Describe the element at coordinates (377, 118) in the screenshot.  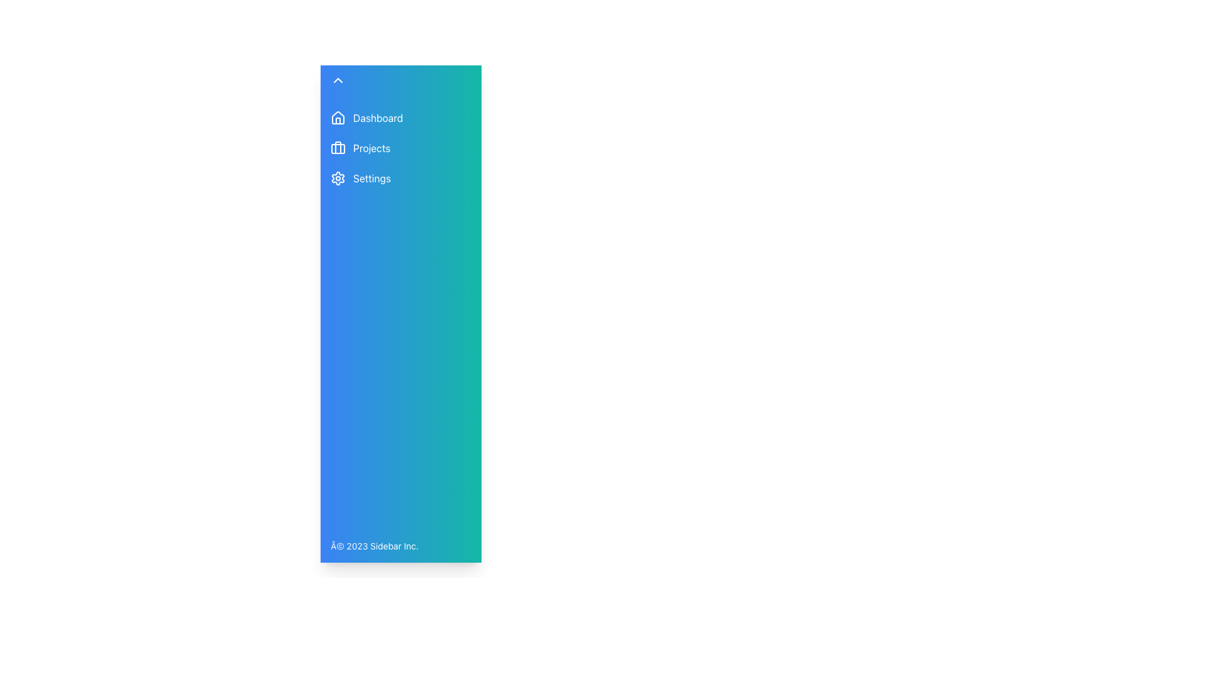
I see `the navigation text label located below the icon menu` at that location.